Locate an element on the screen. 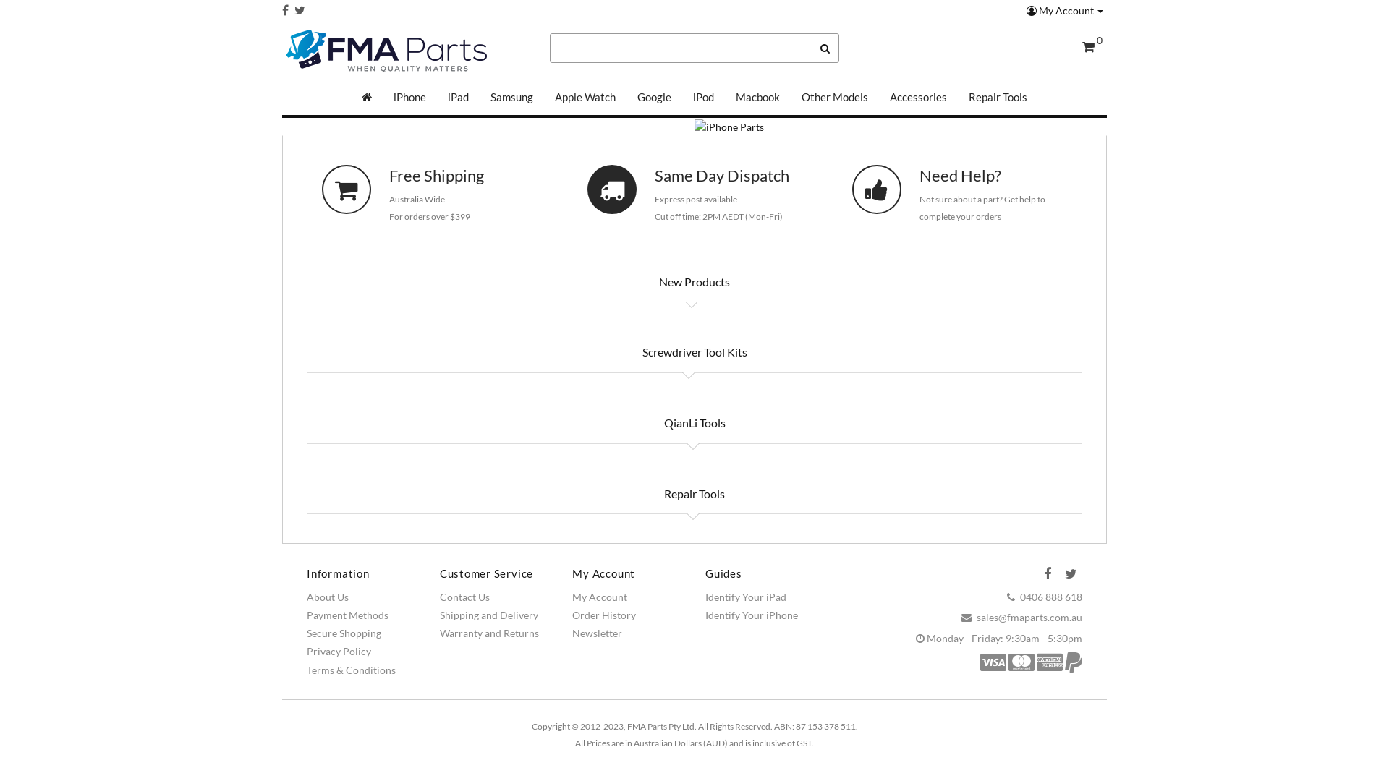  '0' is located at coordinates (1092, 46).